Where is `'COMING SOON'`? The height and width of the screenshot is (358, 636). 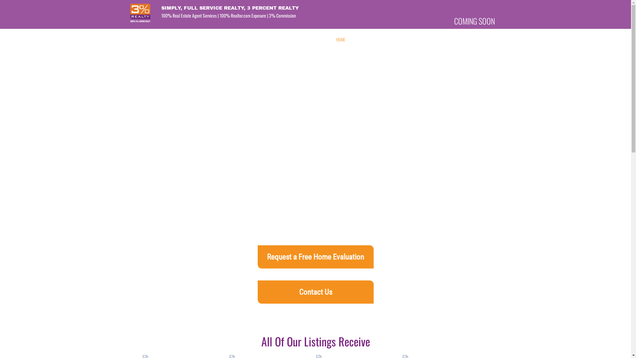
'COMING SOON' is located at coordinates (454, 20).